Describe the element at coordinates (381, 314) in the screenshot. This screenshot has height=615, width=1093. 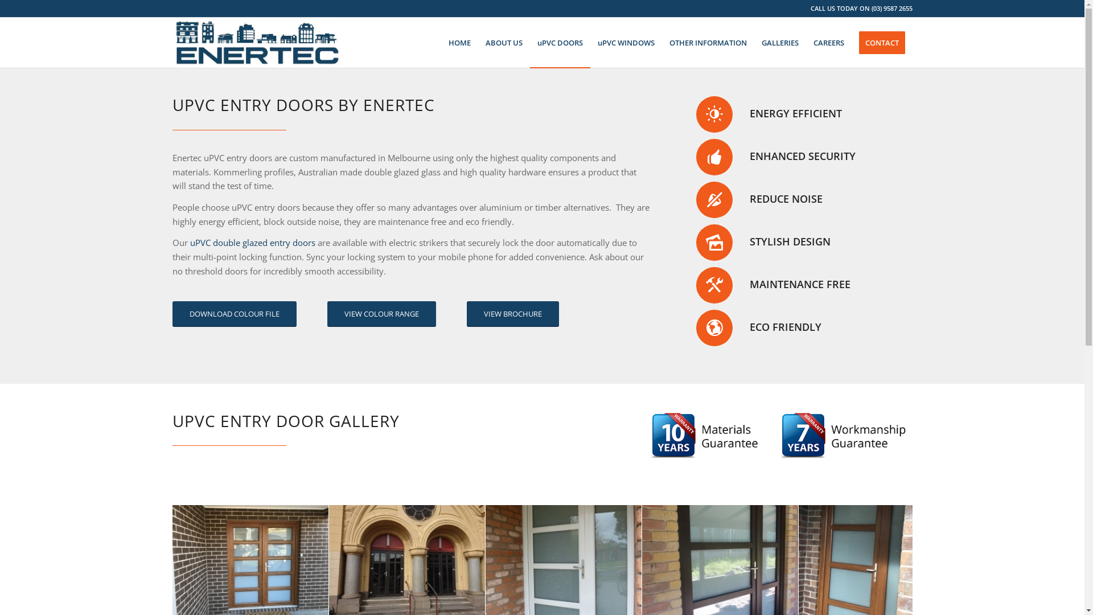
I see `'VIEW COLOUR RANGE'` at that location.